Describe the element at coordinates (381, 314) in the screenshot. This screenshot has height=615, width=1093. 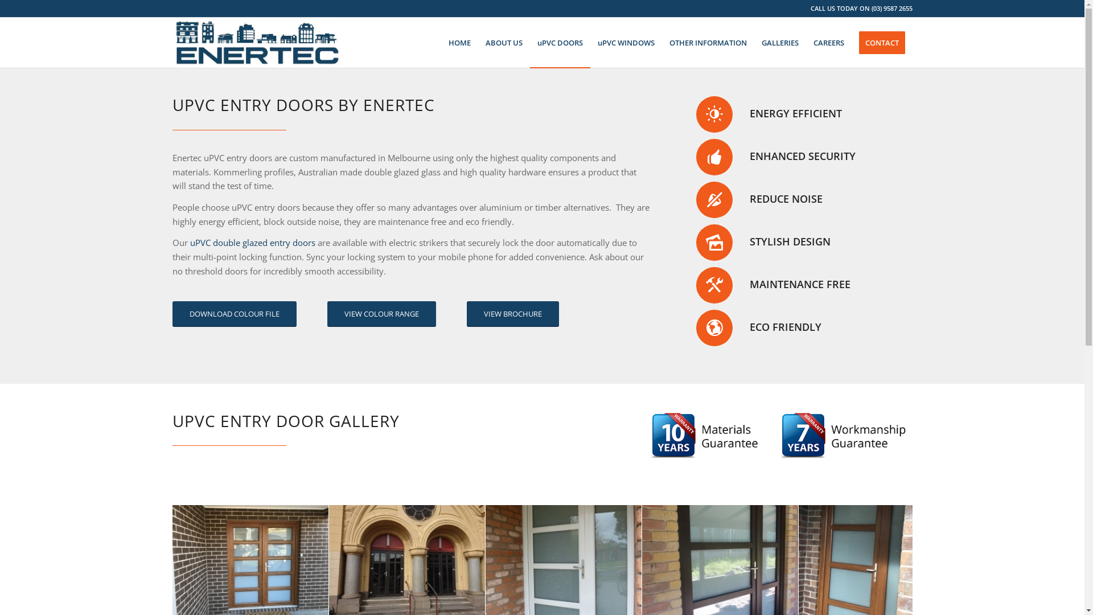
I see `'VIEW COLOUR RANGE'` at that location.